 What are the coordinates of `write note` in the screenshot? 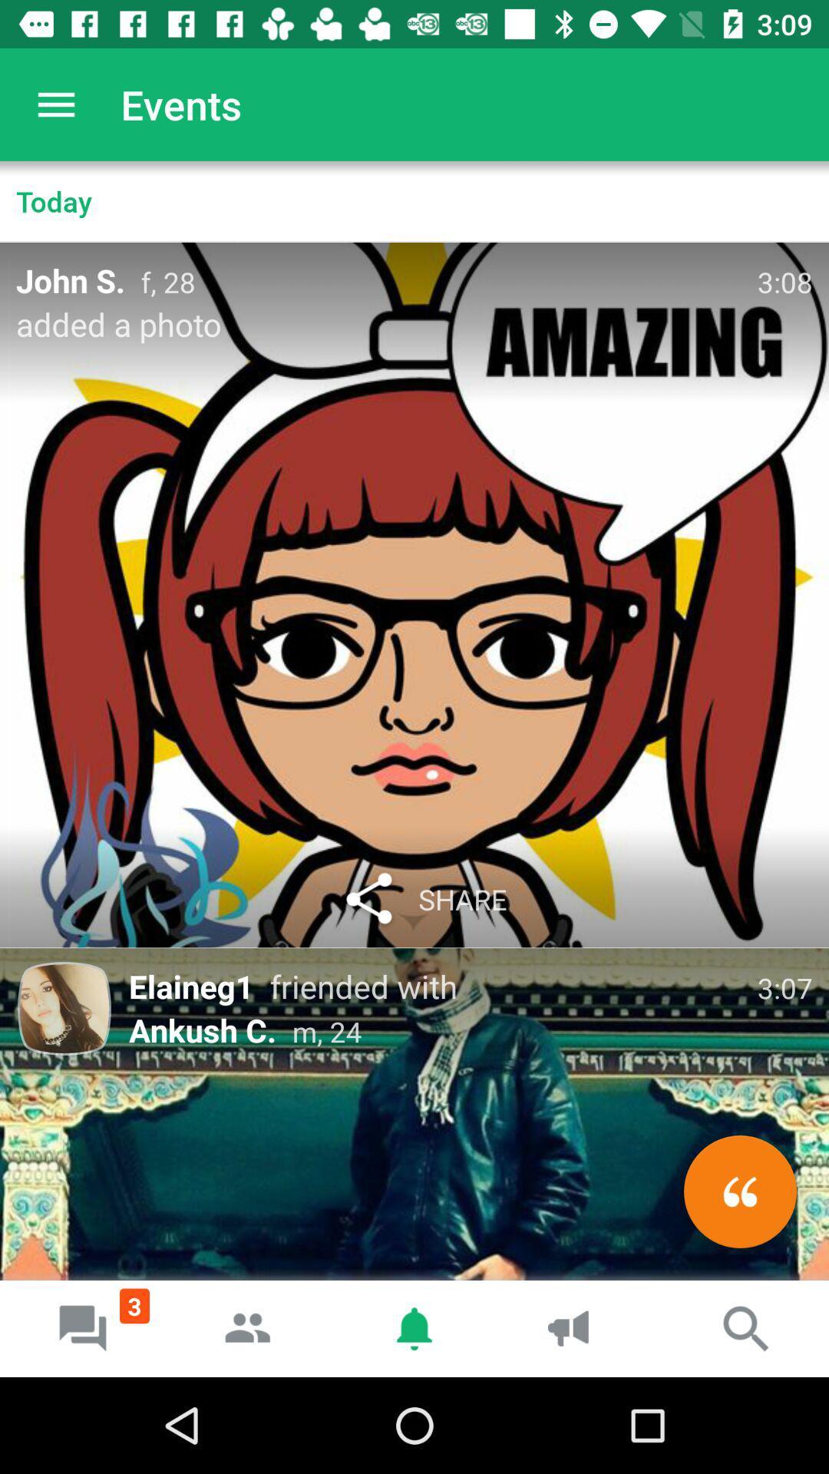 It's located at (739, 1191).